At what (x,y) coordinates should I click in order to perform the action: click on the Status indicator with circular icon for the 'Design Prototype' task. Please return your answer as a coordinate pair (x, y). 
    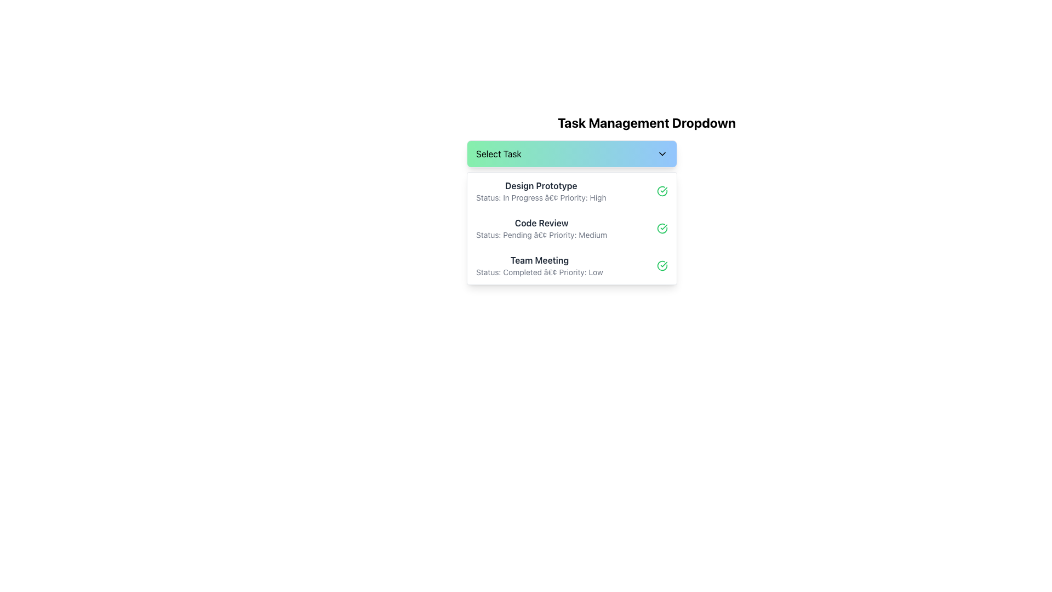
    Looking at the image, I should click on (662, 190).